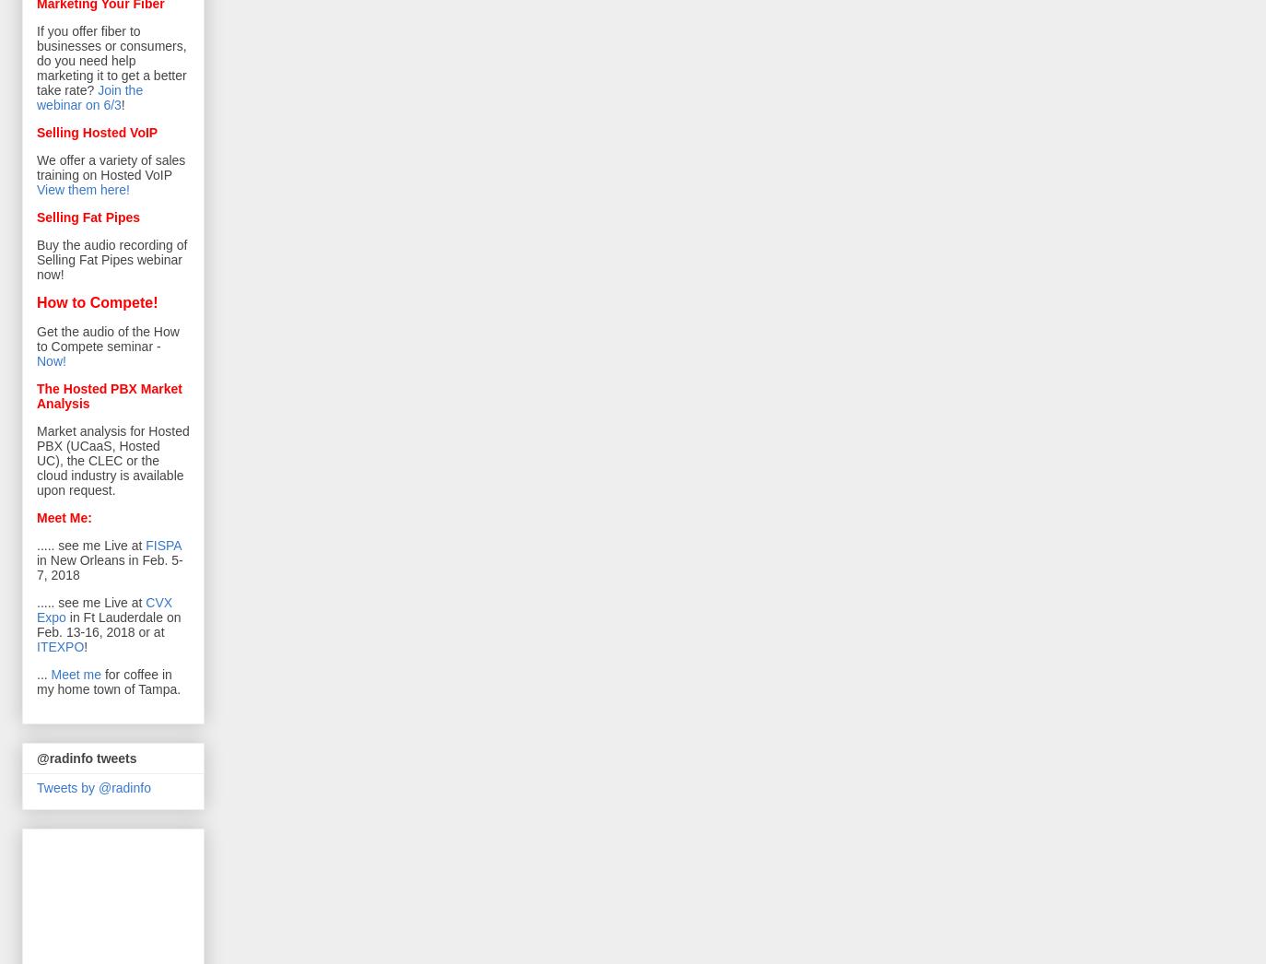 This screenshot has width=1266, height=964. Describe the element at coordinates (108, 567) in the screenshot. I see `'in New Orleans in Feb. 5-7, 2018'` at that location.